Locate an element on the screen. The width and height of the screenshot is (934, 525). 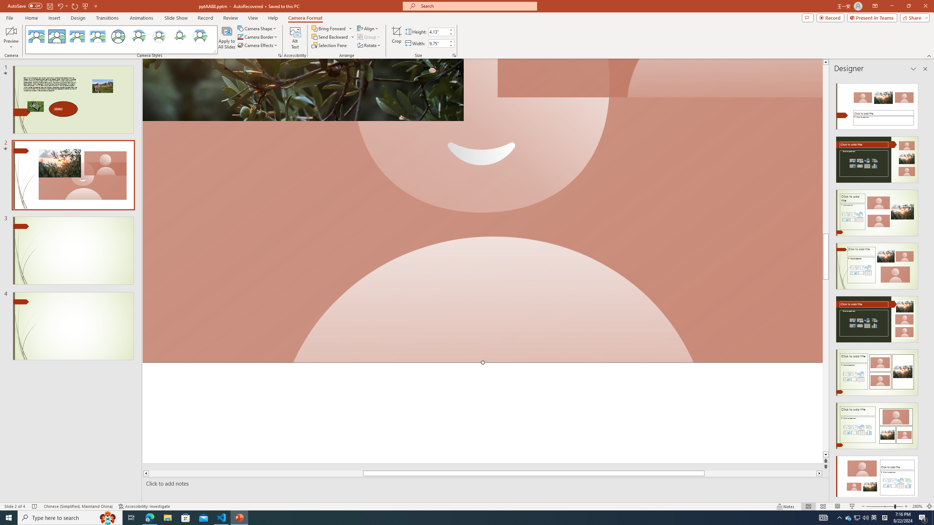
'Crop' is located at coordinates (396, 38).